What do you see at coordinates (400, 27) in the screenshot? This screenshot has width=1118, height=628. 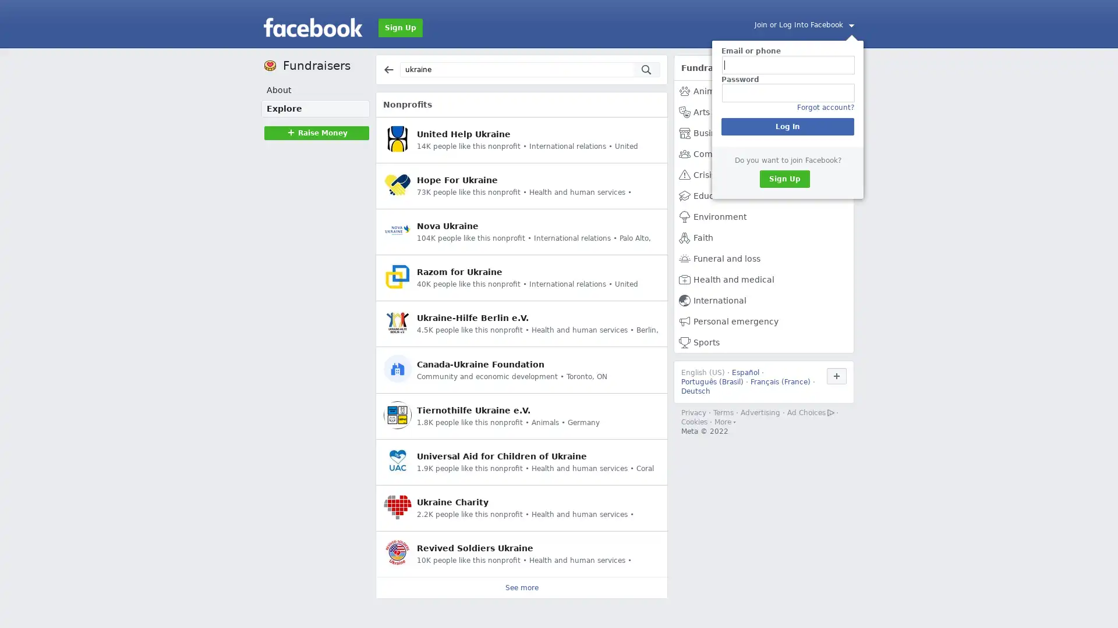 I see `Sign Up` at bounding box center [400, 27].